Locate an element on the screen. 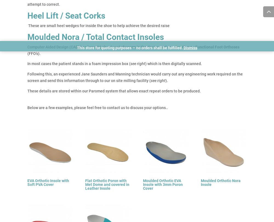  'In most cases the patient stands in a foam impression box (' is located at coordinates (79, 63).